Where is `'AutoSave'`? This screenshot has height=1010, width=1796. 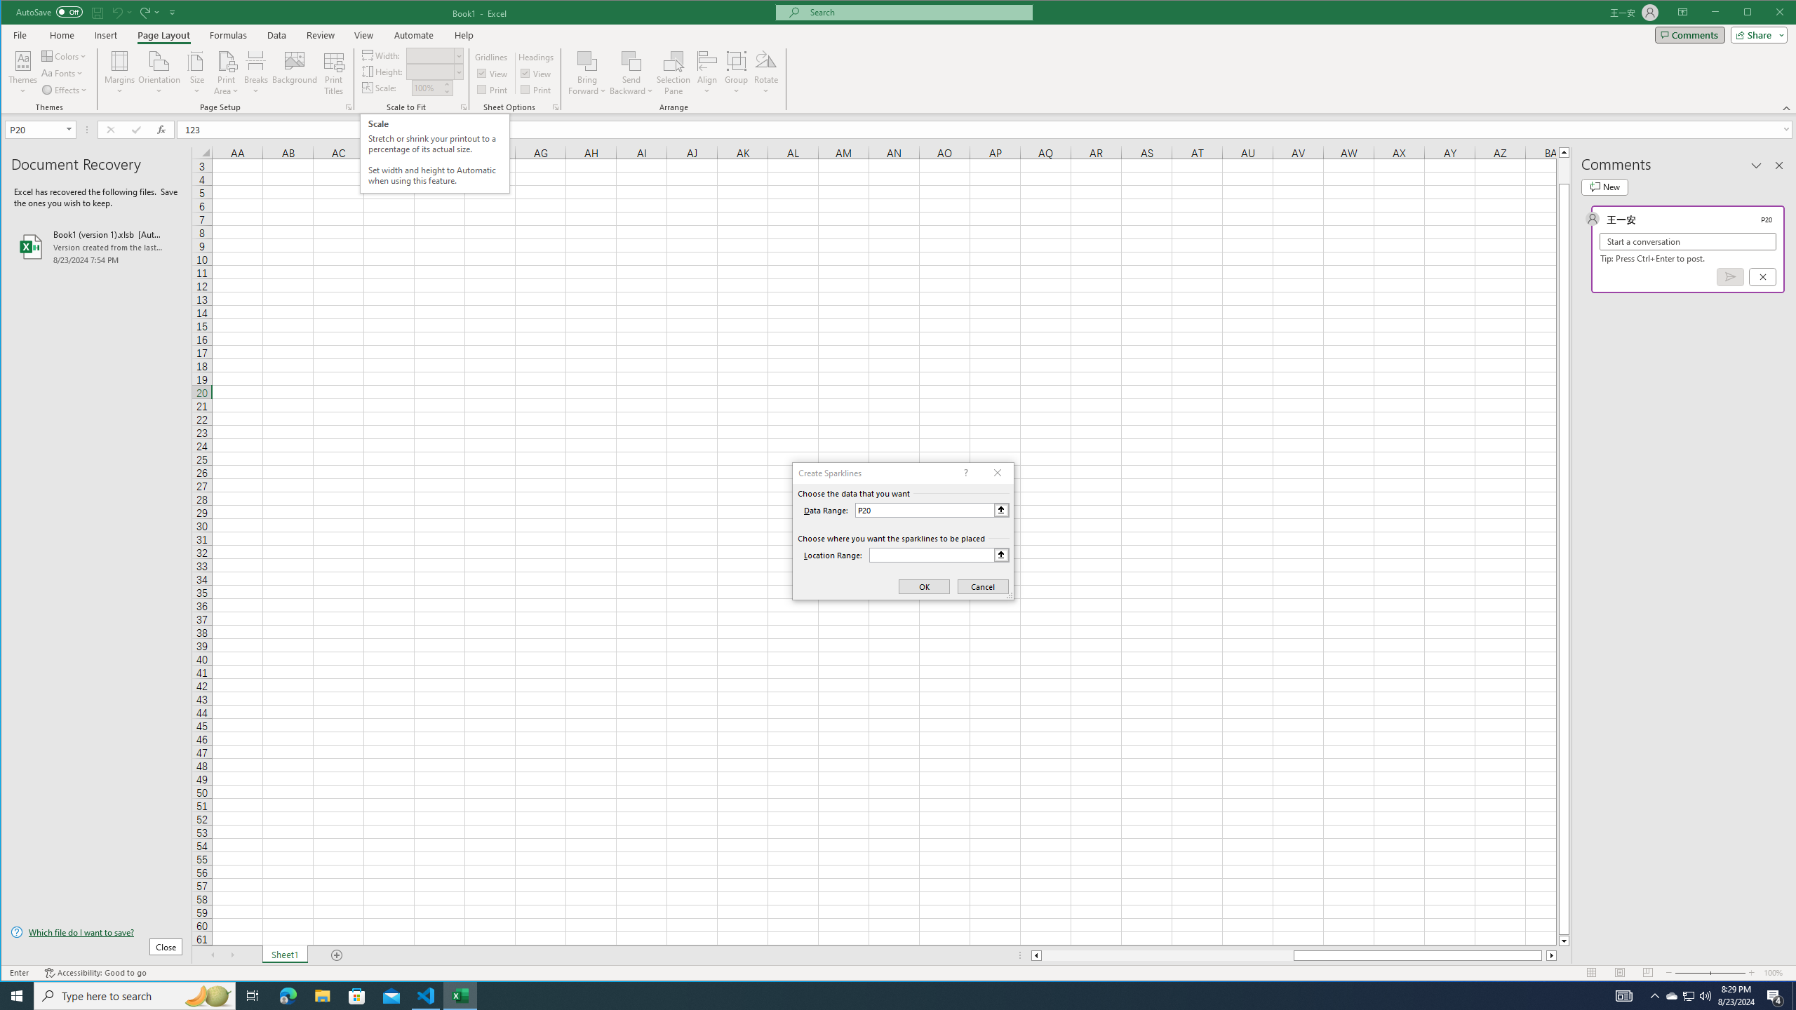
'AutoSave' is located at coordinates (48, 11).